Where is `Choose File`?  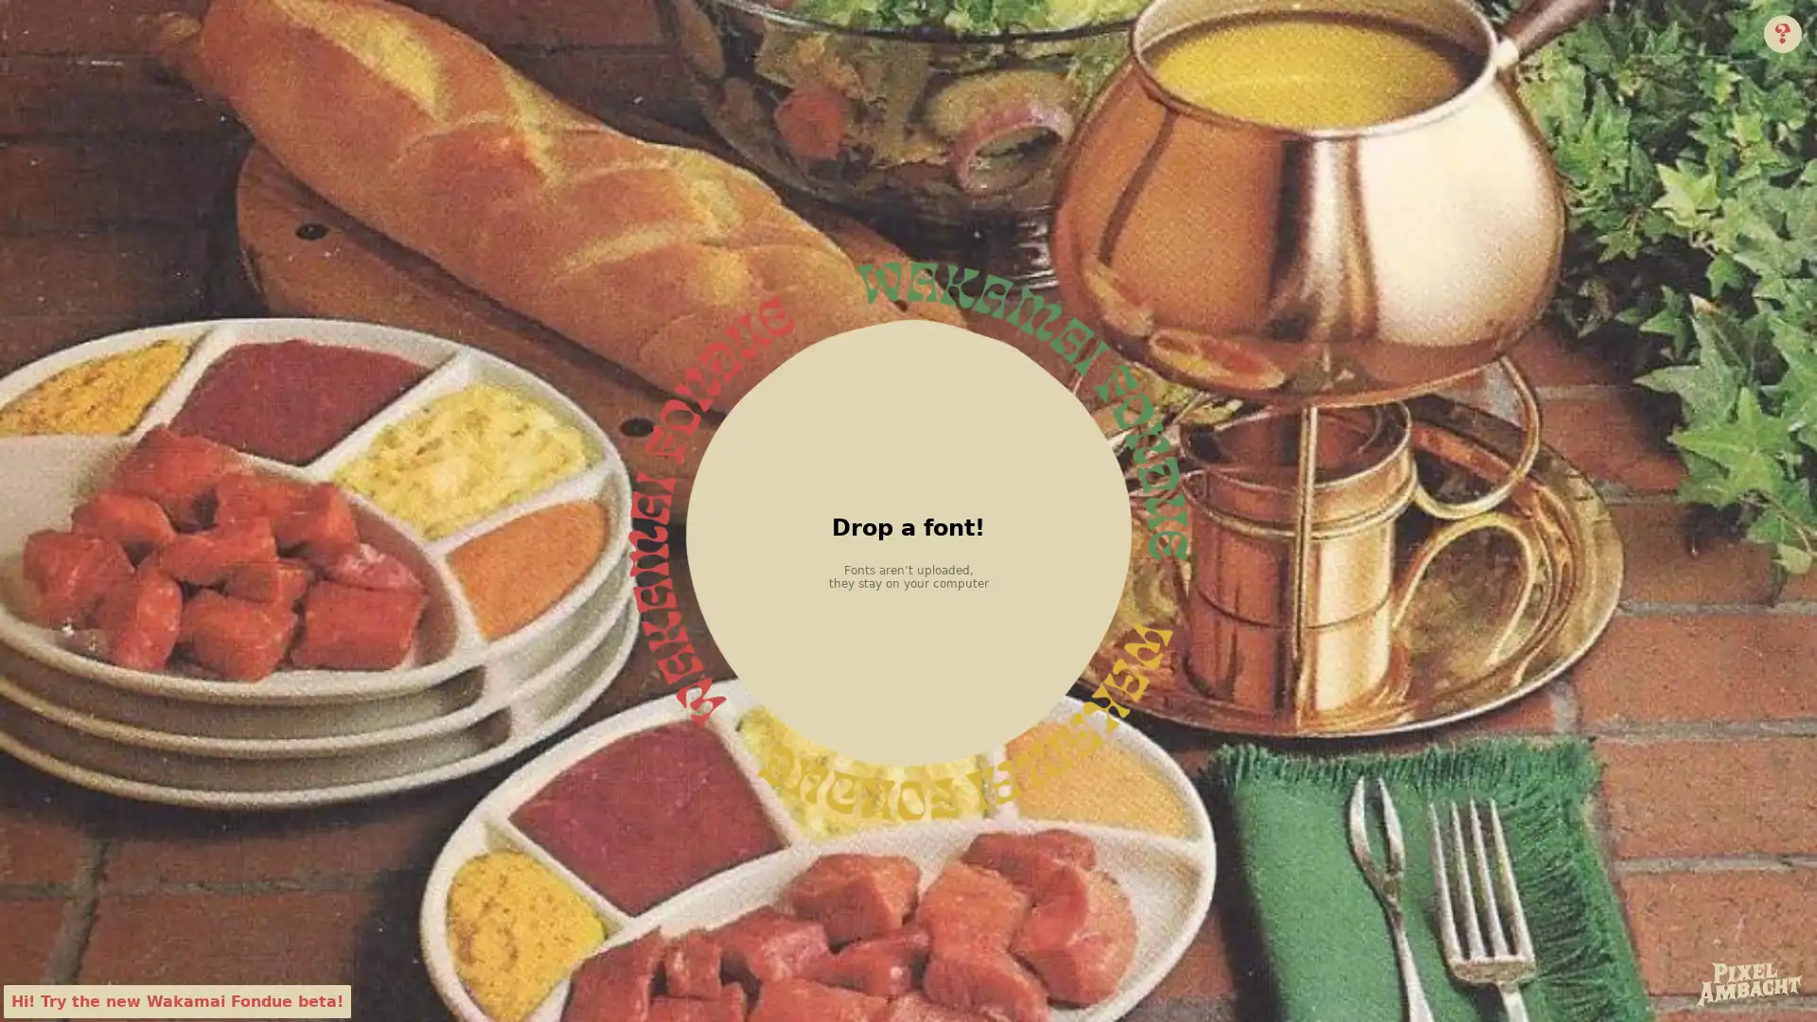 Choose File is located at coordinates (950, 551).